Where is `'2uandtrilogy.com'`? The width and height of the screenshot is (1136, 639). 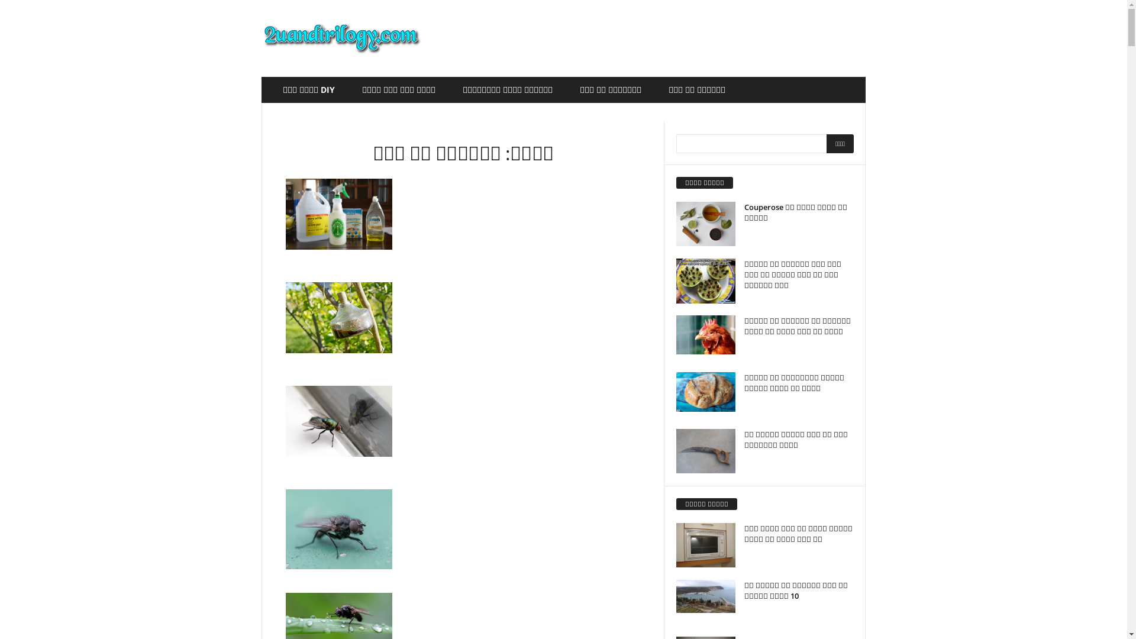 '2uandtrilogy.com' is located at coordinates (341, 38).